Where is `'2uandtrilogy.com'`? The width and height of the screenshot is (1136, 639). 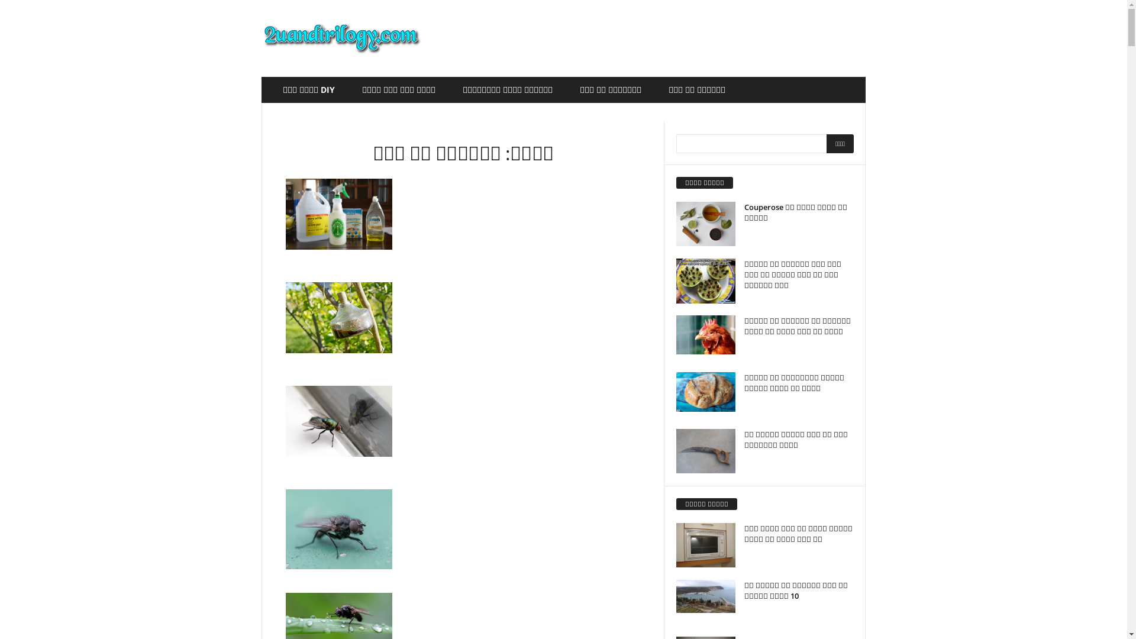 '2uandtrilogy.com' is located at coordinates (341, 38).